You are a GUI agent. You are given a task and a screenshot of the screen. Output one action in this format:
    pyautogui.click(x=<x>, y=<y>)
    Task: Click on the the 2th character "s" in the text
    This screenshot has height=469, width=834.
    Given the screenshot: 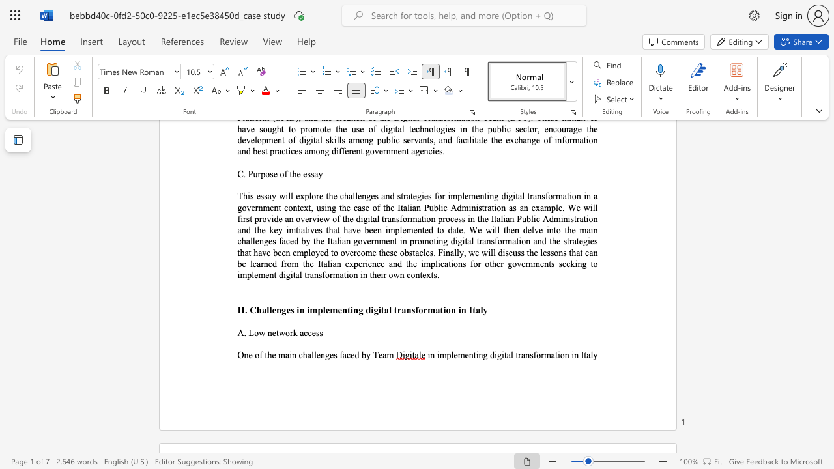 What is the action you would take?
    pyautogui.click(x=321, y=332)
    